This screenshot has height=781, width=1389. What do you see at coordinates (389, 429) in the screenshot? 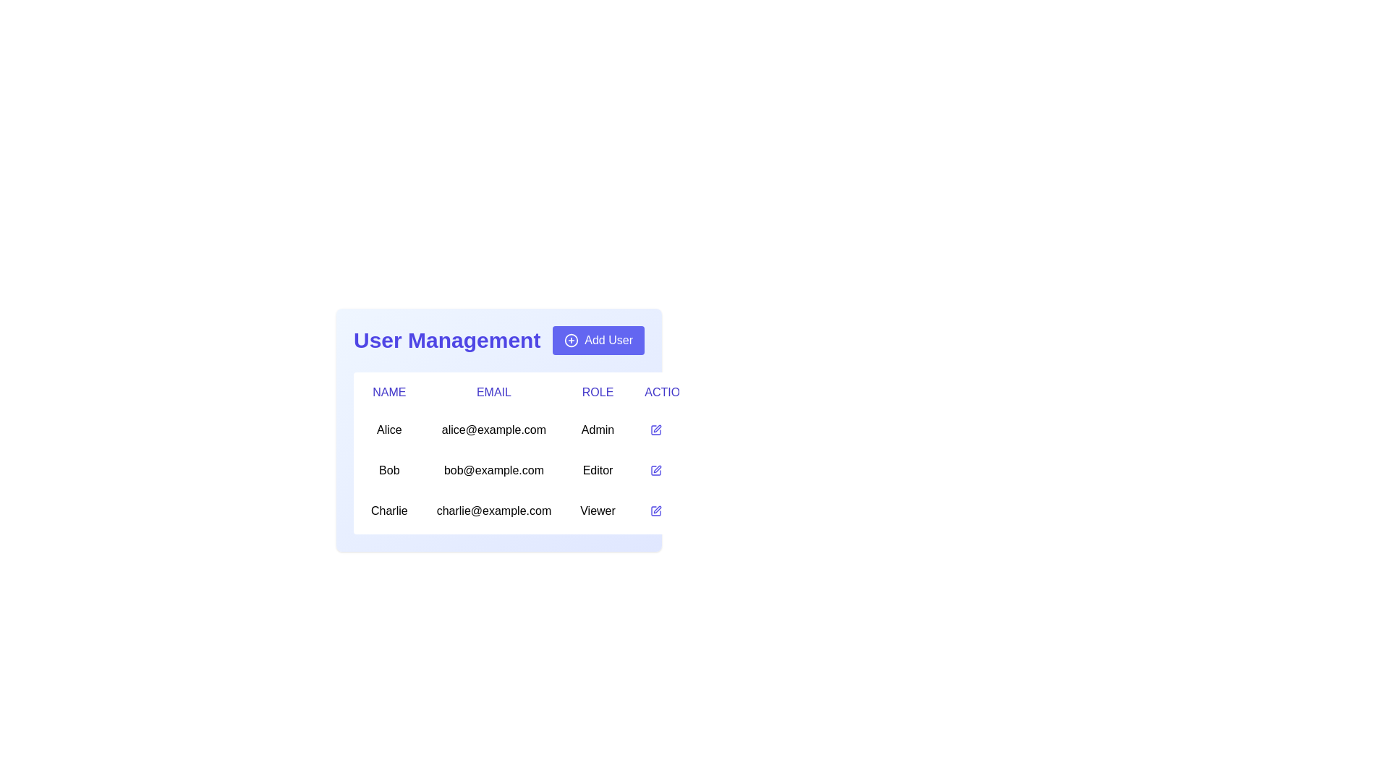
I see `the text label displaying the name 'Alice' in the user management interface, which is located in the first column under the 'NAME' header` at bounding box center [389, 429].